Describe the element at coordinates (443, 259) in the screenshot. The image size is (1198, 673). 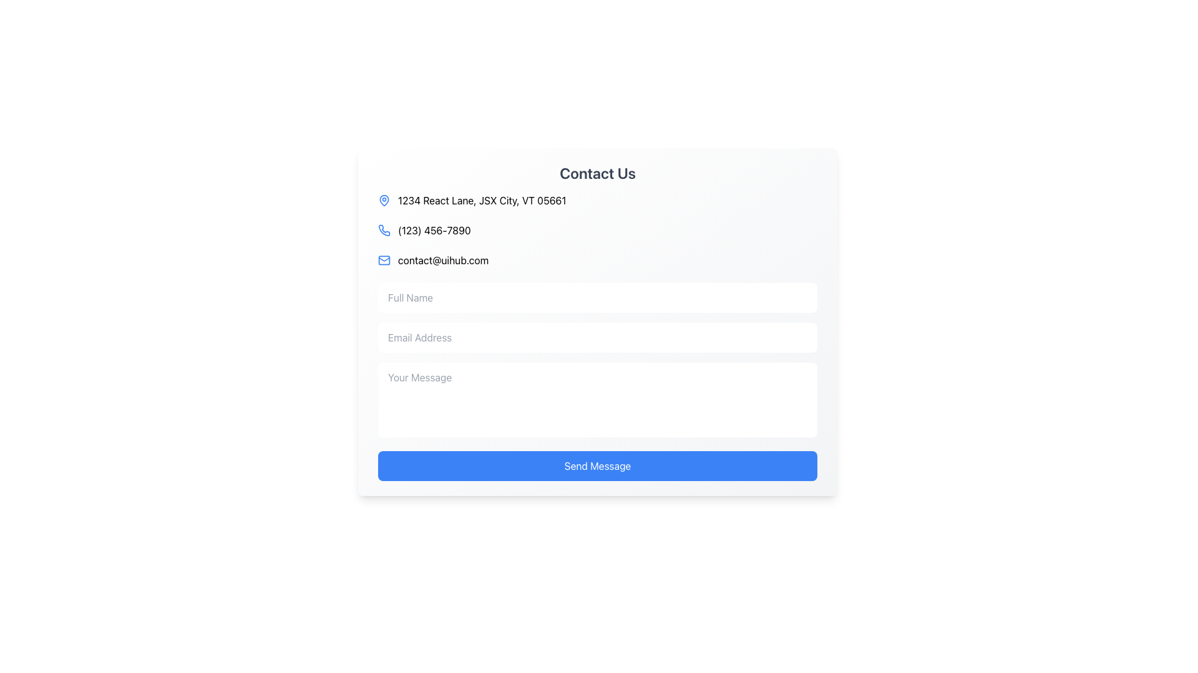
I see `the Text Label displaying the email address 'contact@uihub.com', which is located in the third row of contact details beneath the phone number` at that location.